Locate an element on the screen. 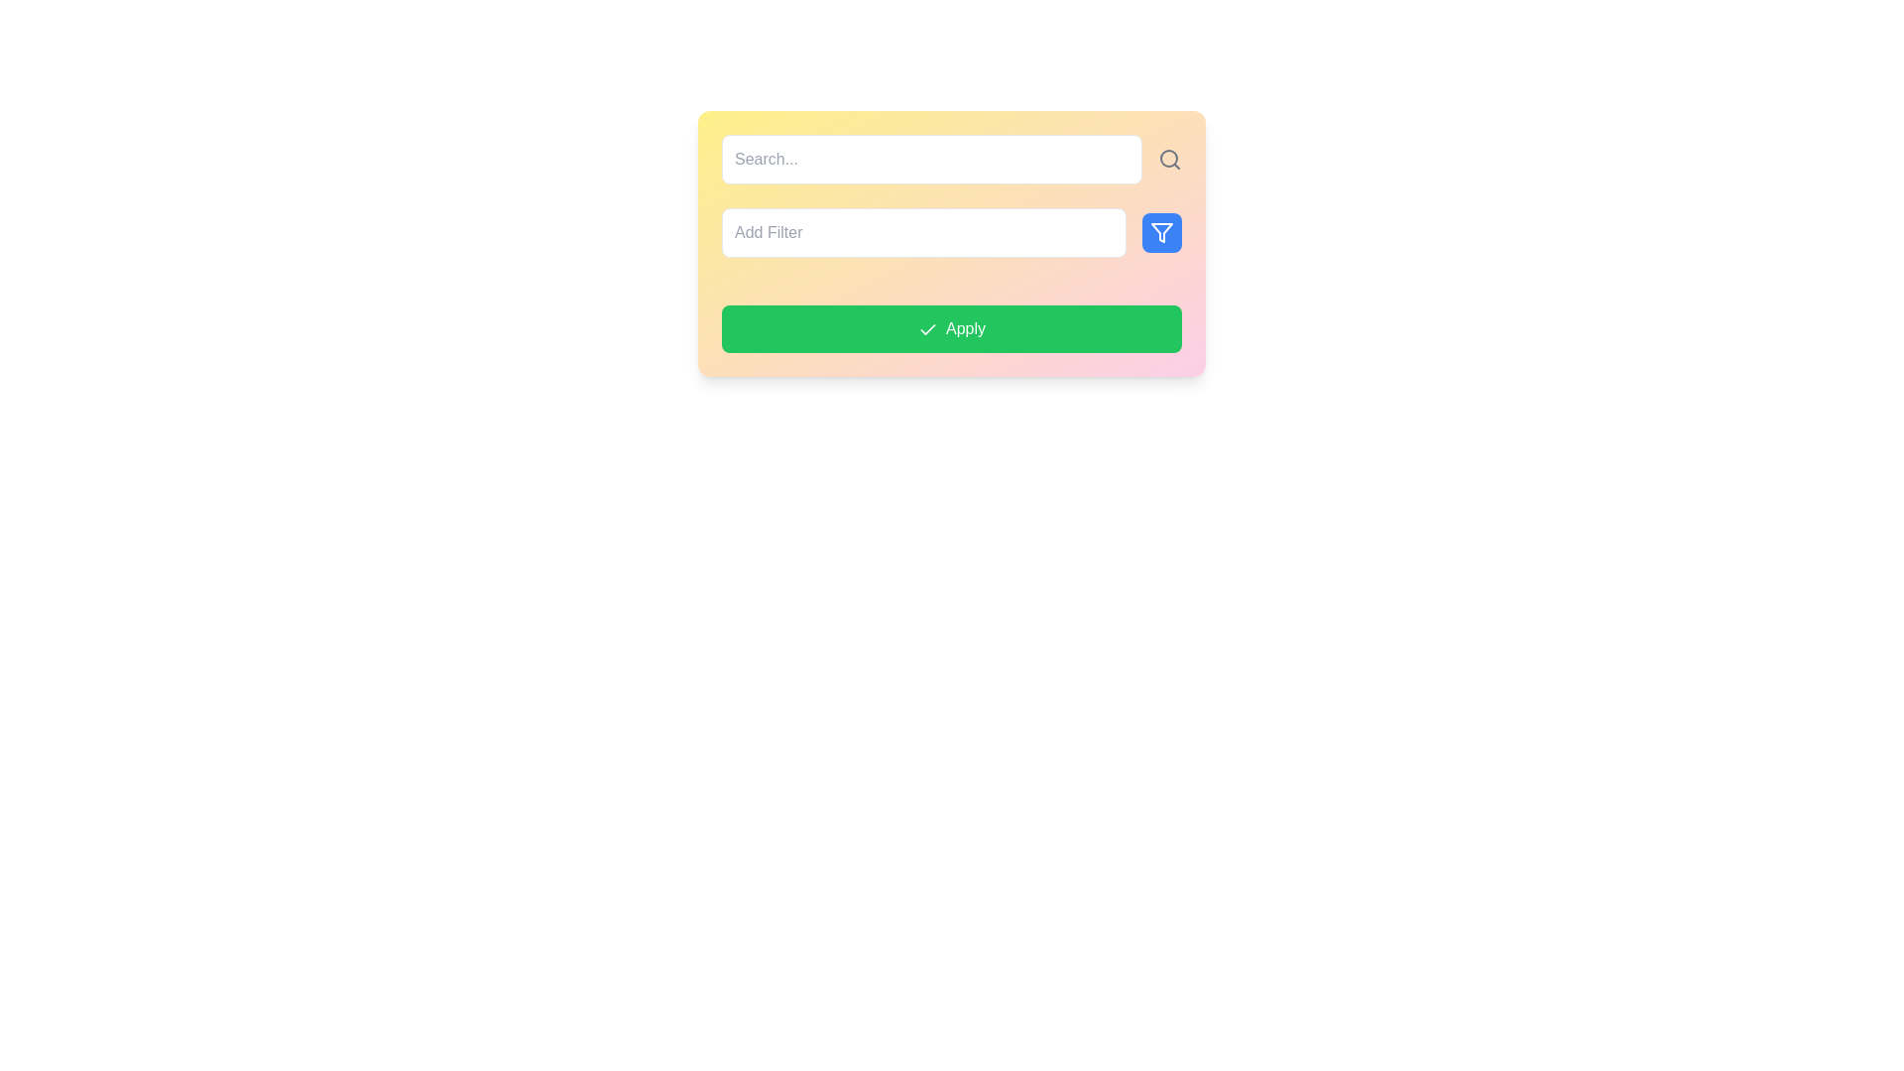 This screenshot has height=1071, width=1904. the 'Apply' button, which has a vibrant green background and white text, to change its background shade is located at coordinates (952, 327).